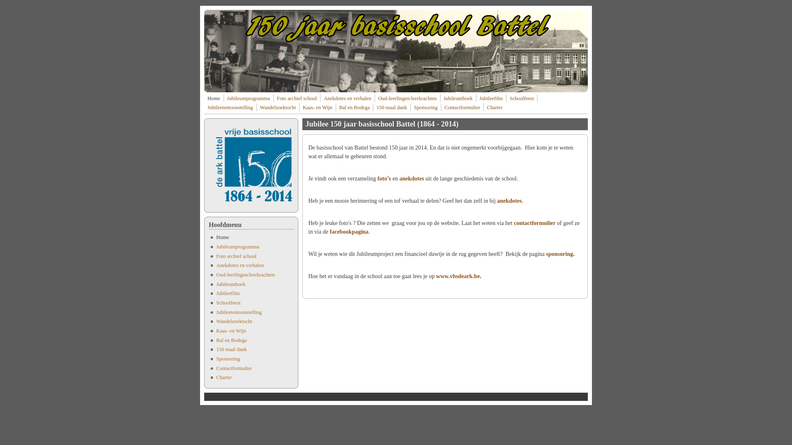 This screenshot has height=445, width=792. What do you see at coordinates (349, 232) in the screenshot?
I see `'facebookpagina'` at bounding box center [349, 232].